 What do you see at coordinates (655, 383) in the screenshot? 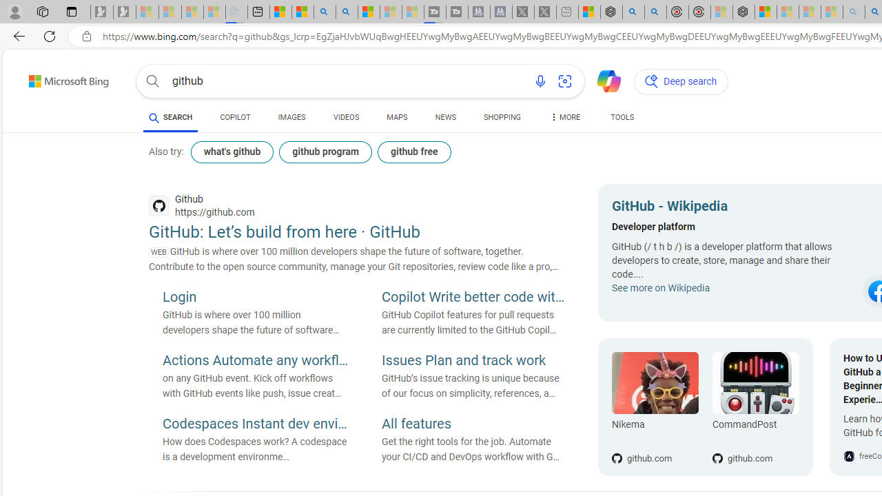
I see `'Nikema'` at bounding box center [655, 383].